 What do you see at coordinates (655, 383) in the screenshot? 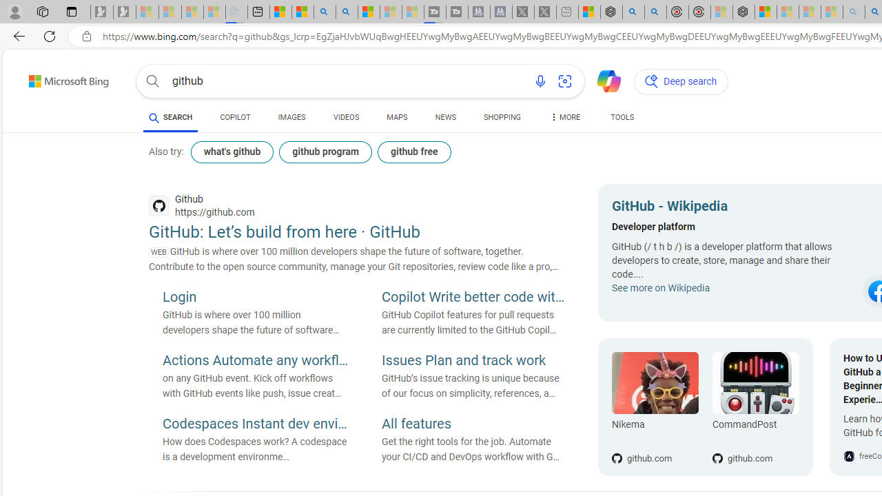
I see `'Nikema'` at bounding box center [655, 383].